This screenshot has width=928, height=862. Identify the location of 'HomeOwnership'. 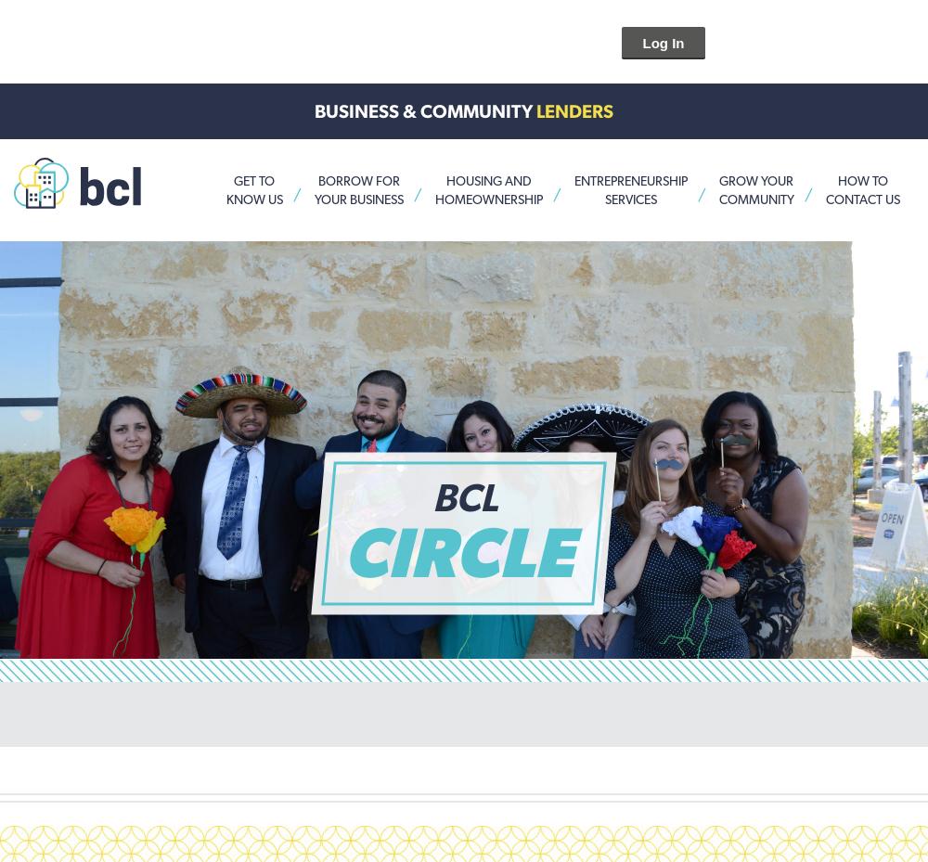
(488, 198).